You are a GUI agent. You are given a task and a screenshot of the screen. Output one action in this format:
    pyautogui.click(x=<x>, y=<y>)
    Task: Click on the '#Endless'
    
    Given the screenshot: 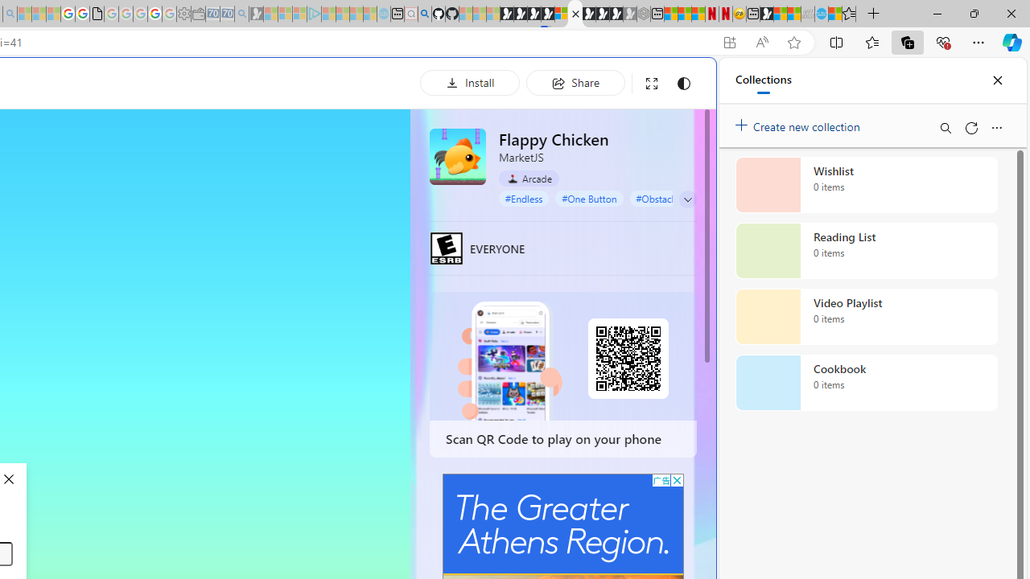 What is the action you would take?
    pyautogui.click(x=524, y=197)
    